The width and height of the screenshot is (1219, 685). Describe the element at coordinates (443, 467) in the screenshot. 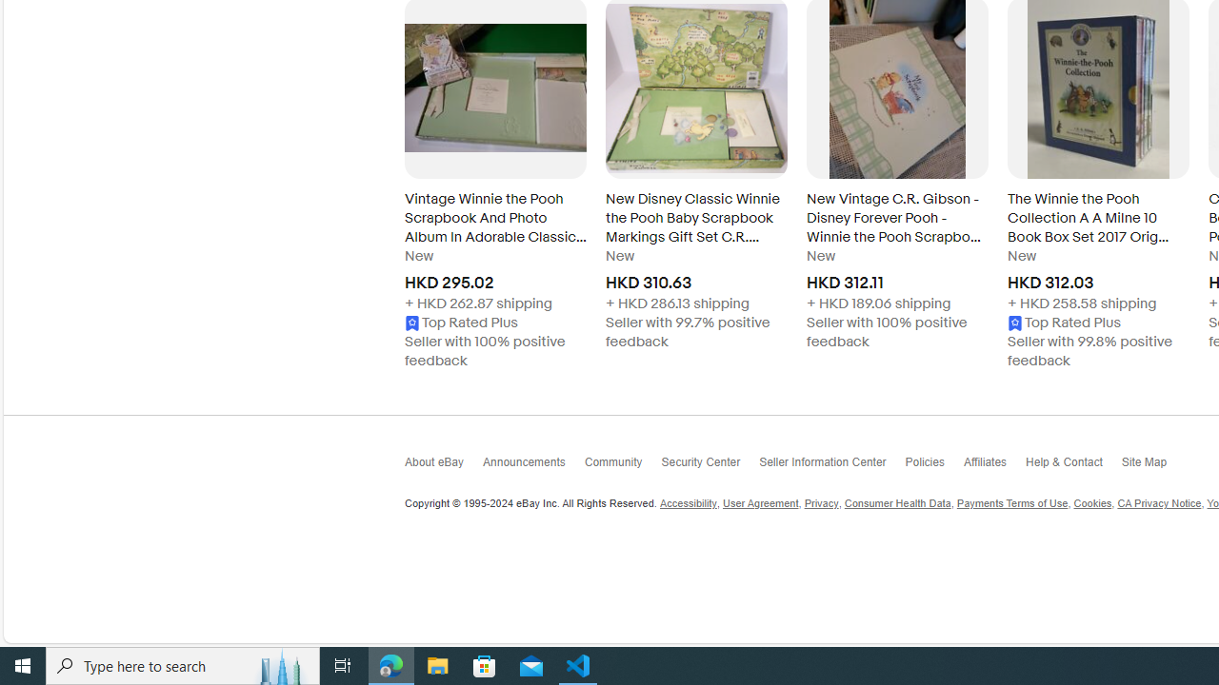

I see `'About eBay'` at that location.